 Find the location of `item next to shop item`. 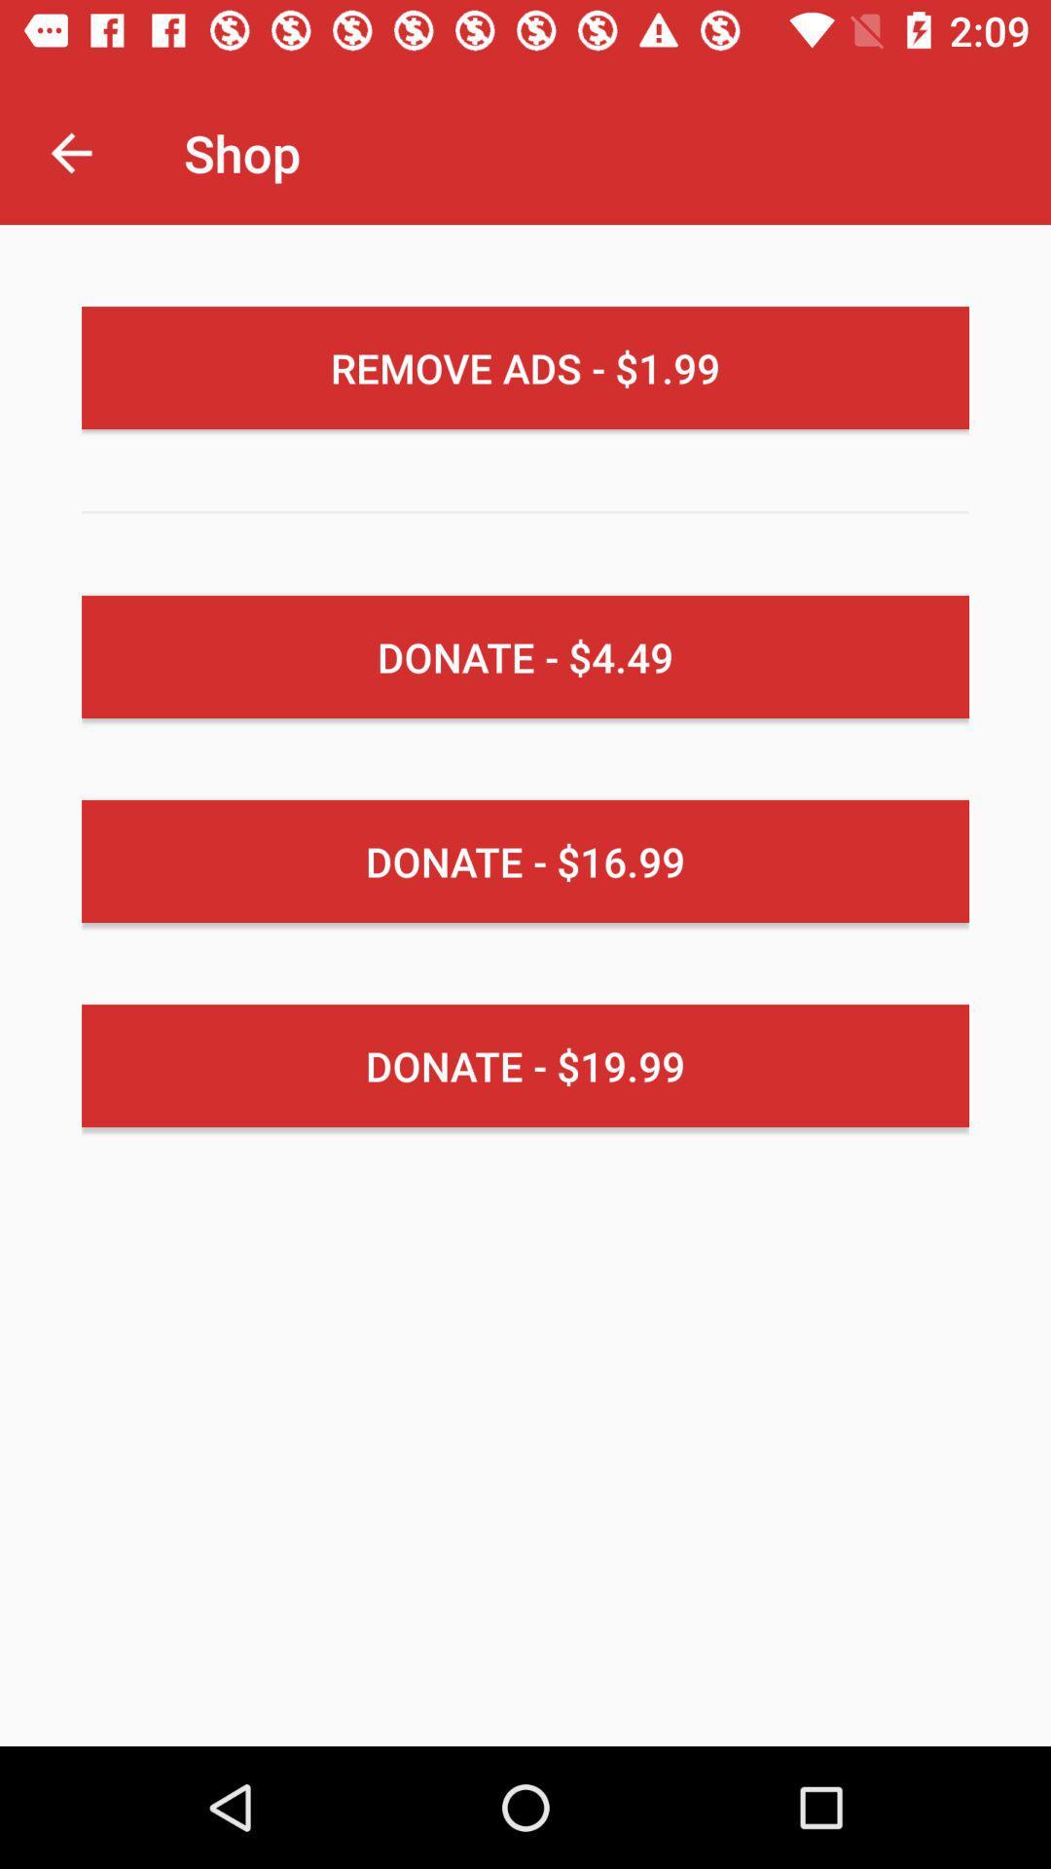

item next to shop item is located at coordinates (70, 152).